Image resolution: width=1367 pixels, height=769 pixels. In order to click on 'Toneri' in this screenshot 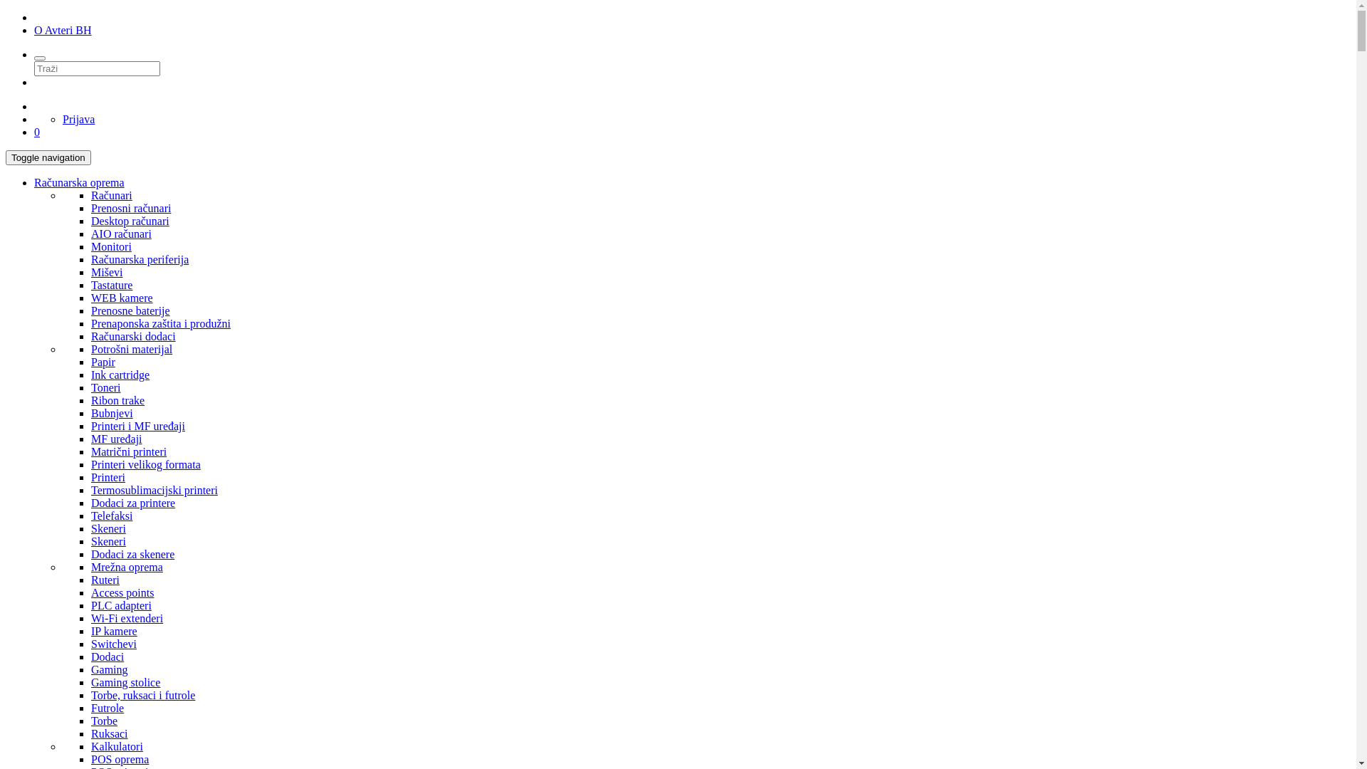, I will do `click(105, 387)`.